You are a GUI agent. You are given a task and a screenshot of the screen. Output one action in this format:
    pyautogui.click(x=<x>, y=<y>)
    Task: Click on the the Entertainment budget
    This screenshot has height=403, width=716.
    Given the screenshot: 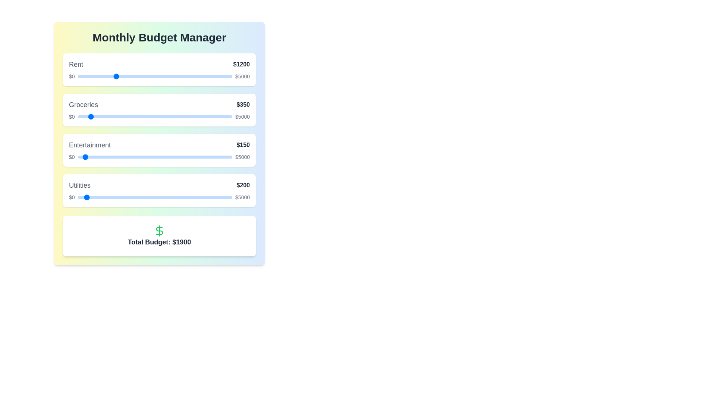 What is the action you would take?
    pyautogui.click(x=91, y=156)
    